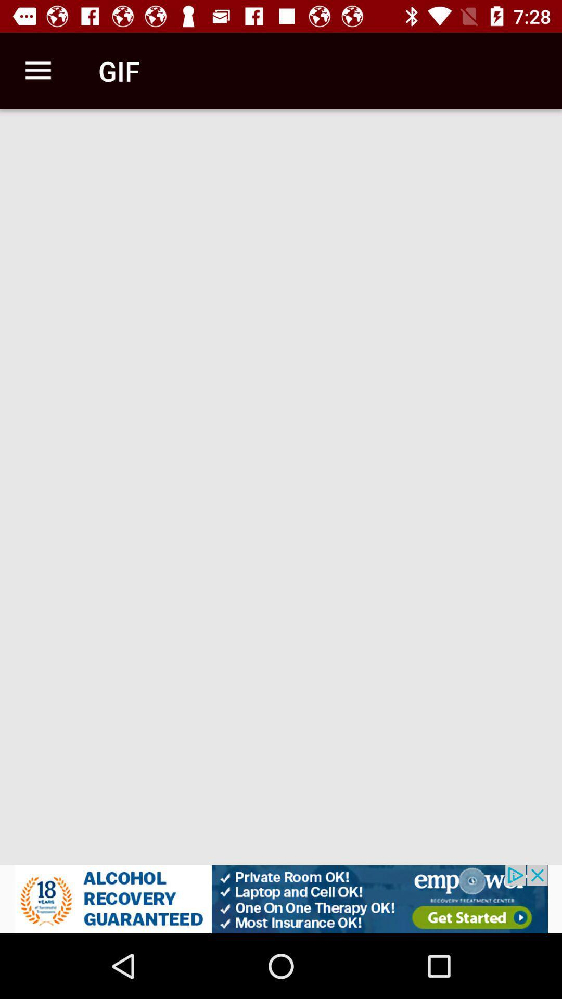  What do you see at coordinates (281, 899) in the screenshot?
I see `advertisement` at bounding box center [281, 899].